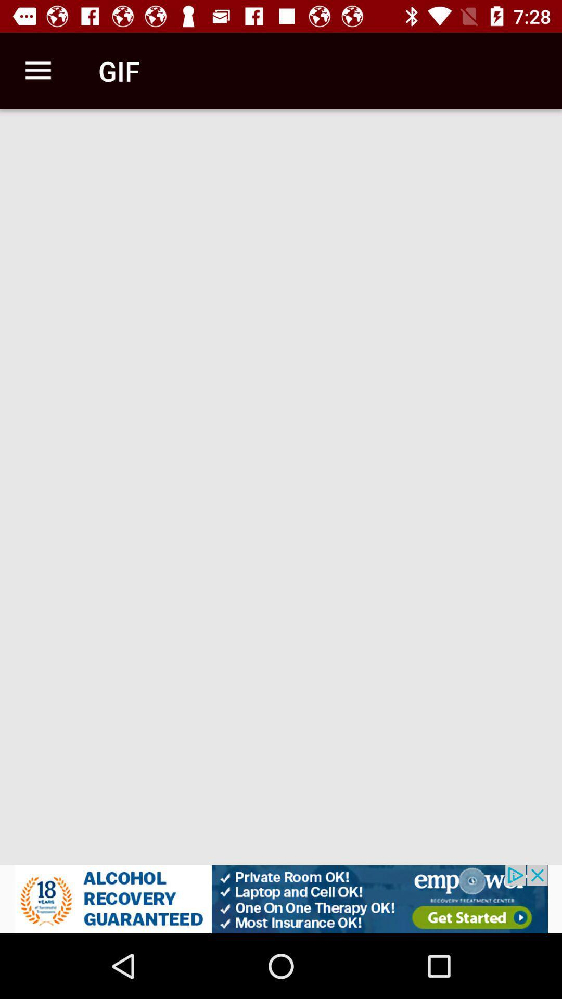  What do you see at coordinates (281, 899) in the screenshot?
I see `advertisement` at bounding box center [281, 899].